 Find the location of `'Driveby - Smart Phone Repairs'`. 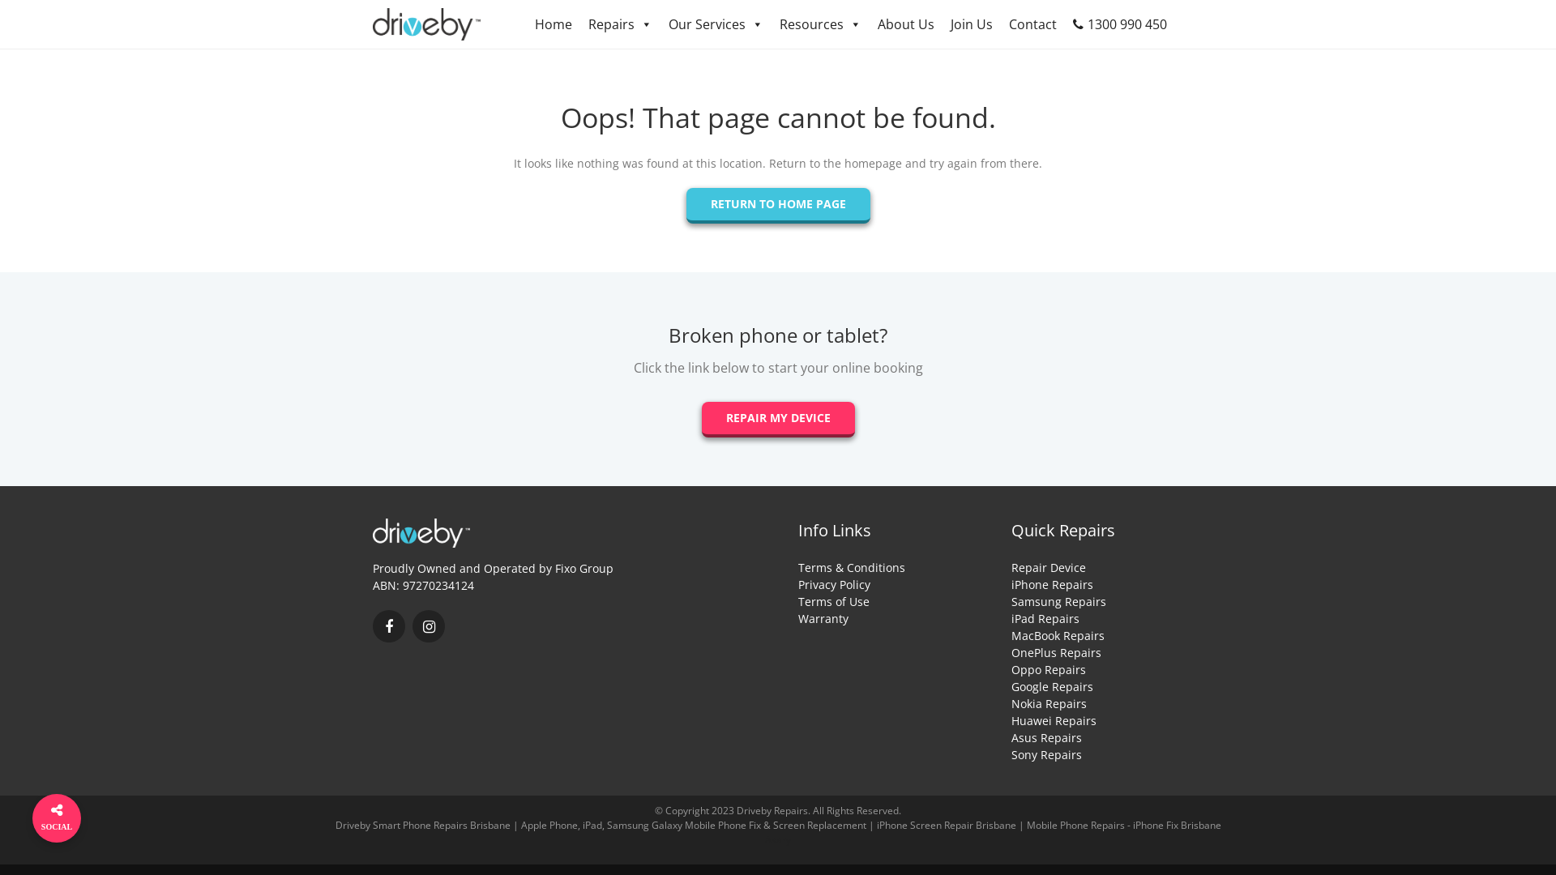

'Driveby - Smart Phone Repairs' is located at coordinates (426, 24).